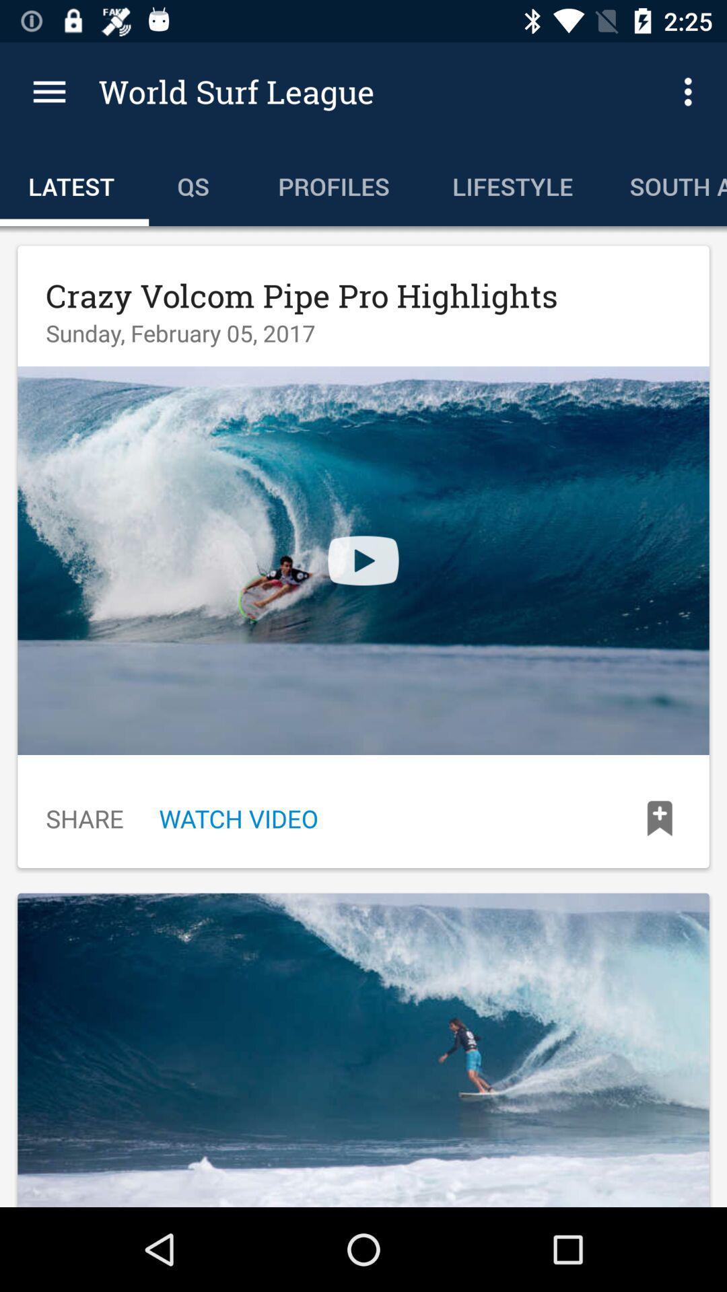 The height and width of the screenshot is (1292, 727). Describe the element at coordinates (85, 818) in the screenshot. I see `icon next to watch video item` at that location.